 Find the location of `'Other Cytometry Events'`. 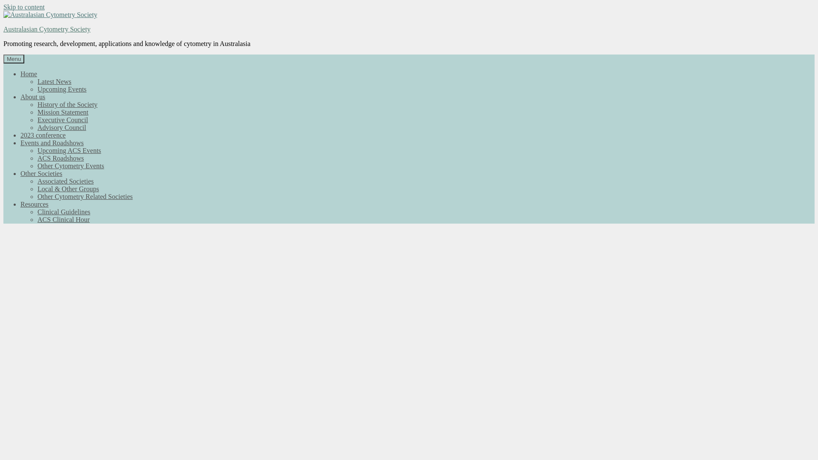

'Other Cytometry Events' is located at coordinates (37, 166).